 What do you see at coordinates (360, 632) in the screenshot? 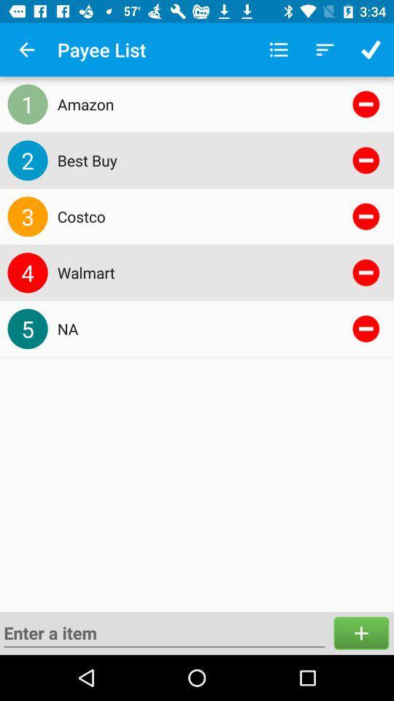
I see `item` at bounding box center [360, 632].